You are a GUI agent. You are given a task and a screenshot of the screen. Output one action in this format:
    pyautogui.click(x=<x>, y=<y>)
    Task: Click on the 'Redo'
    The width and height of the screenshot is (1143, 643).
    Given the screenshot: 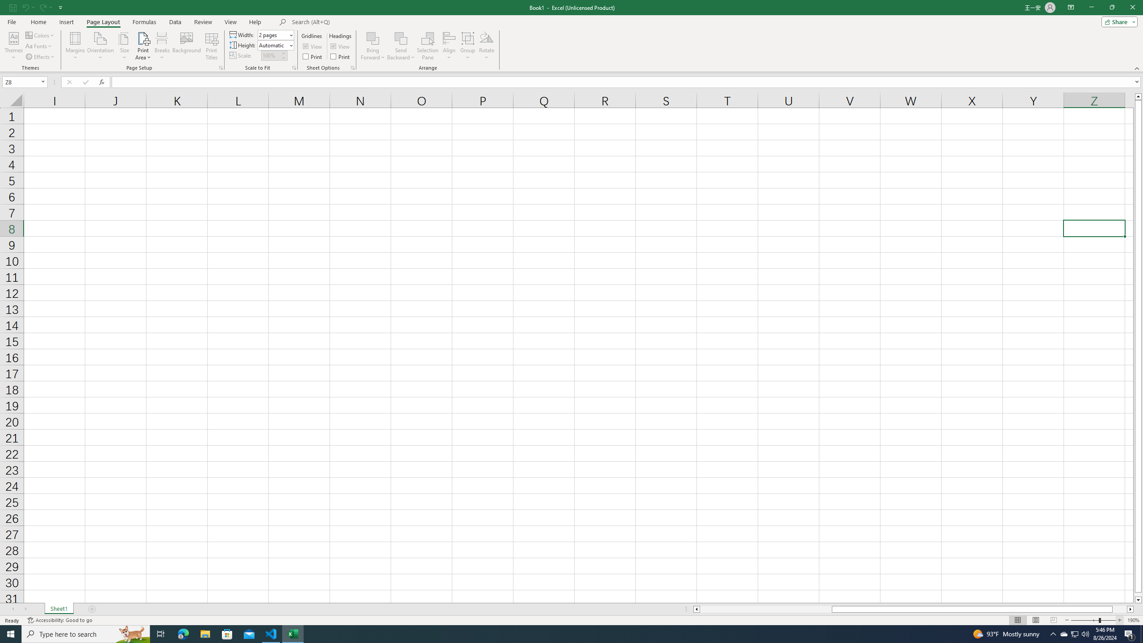 What is the action you would take?
    pyautogui.click(x=42, y=7)
    